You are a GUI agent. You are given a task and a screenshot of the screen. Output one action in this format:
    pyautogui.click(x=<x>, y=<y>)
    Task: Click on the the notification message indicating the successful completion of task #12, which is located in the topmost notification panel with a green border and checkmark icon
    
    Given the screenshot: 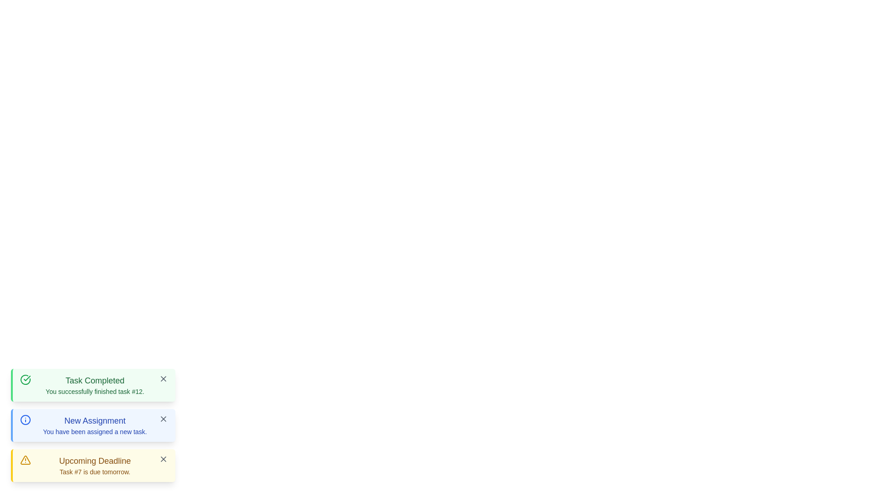 What is the action you would take?
    pyautogui.click(x=95, y=385)
    